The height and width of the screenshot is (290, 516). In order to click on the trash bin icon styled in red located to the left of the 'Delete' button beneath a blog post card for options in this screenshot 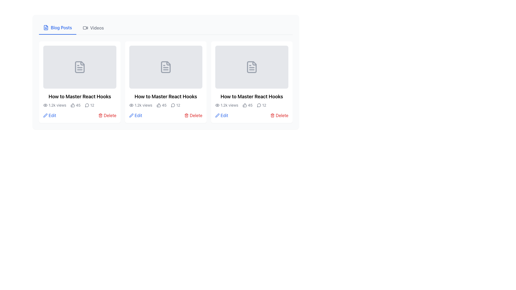, I will do `click(273, 115)`.